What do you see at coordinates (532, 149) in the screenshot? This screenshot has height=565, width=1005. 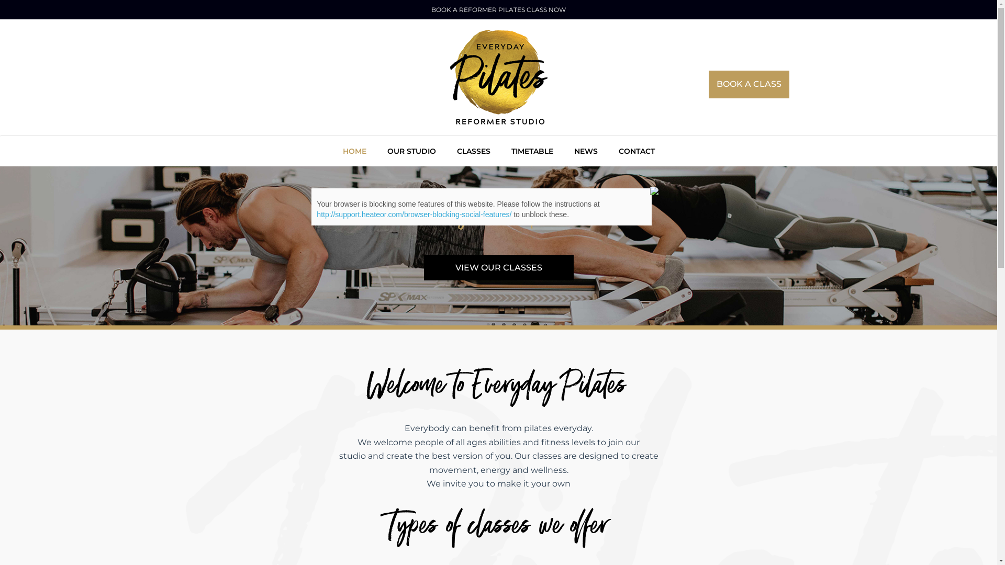 I see `'TIMETABLE'` at bounding box center [532, 149].